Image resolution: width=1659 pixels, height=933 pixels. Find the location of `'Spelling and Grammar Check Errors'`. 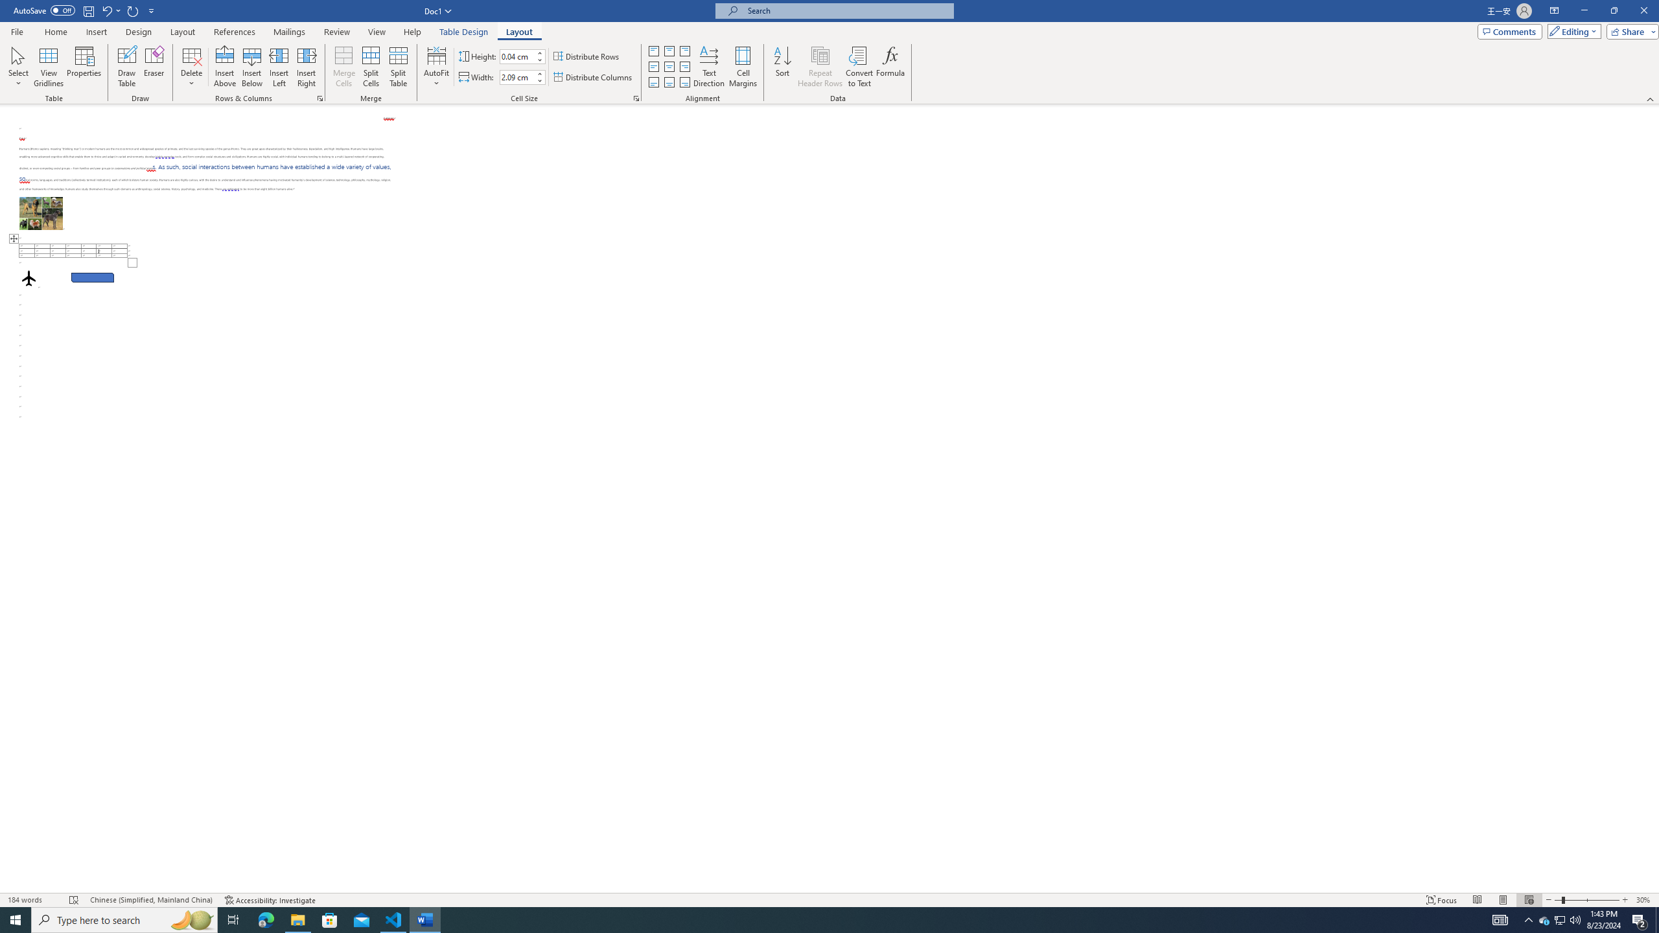

'Spelling and Grammar Check Errors' is located at coordinates (74, 900).